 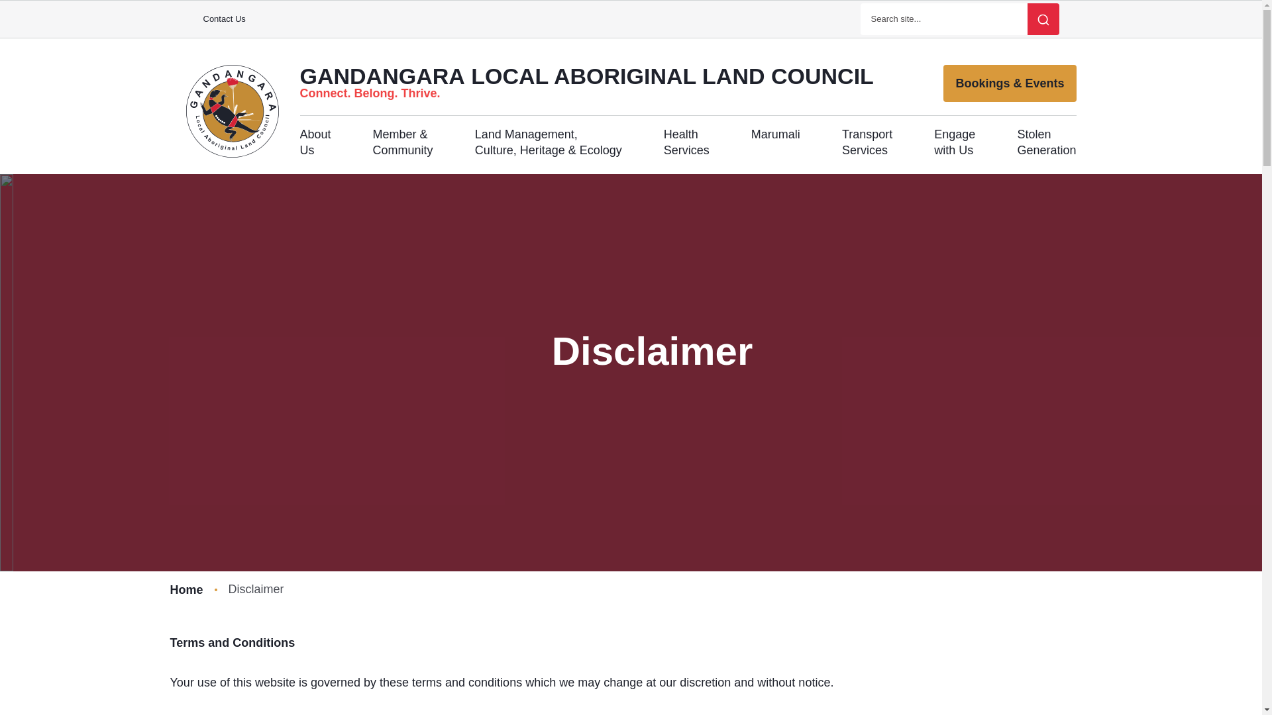 What do you see at coordinates (867, 142) in the screenshot?
I see `'Transport` at bounding box center [867, 142].